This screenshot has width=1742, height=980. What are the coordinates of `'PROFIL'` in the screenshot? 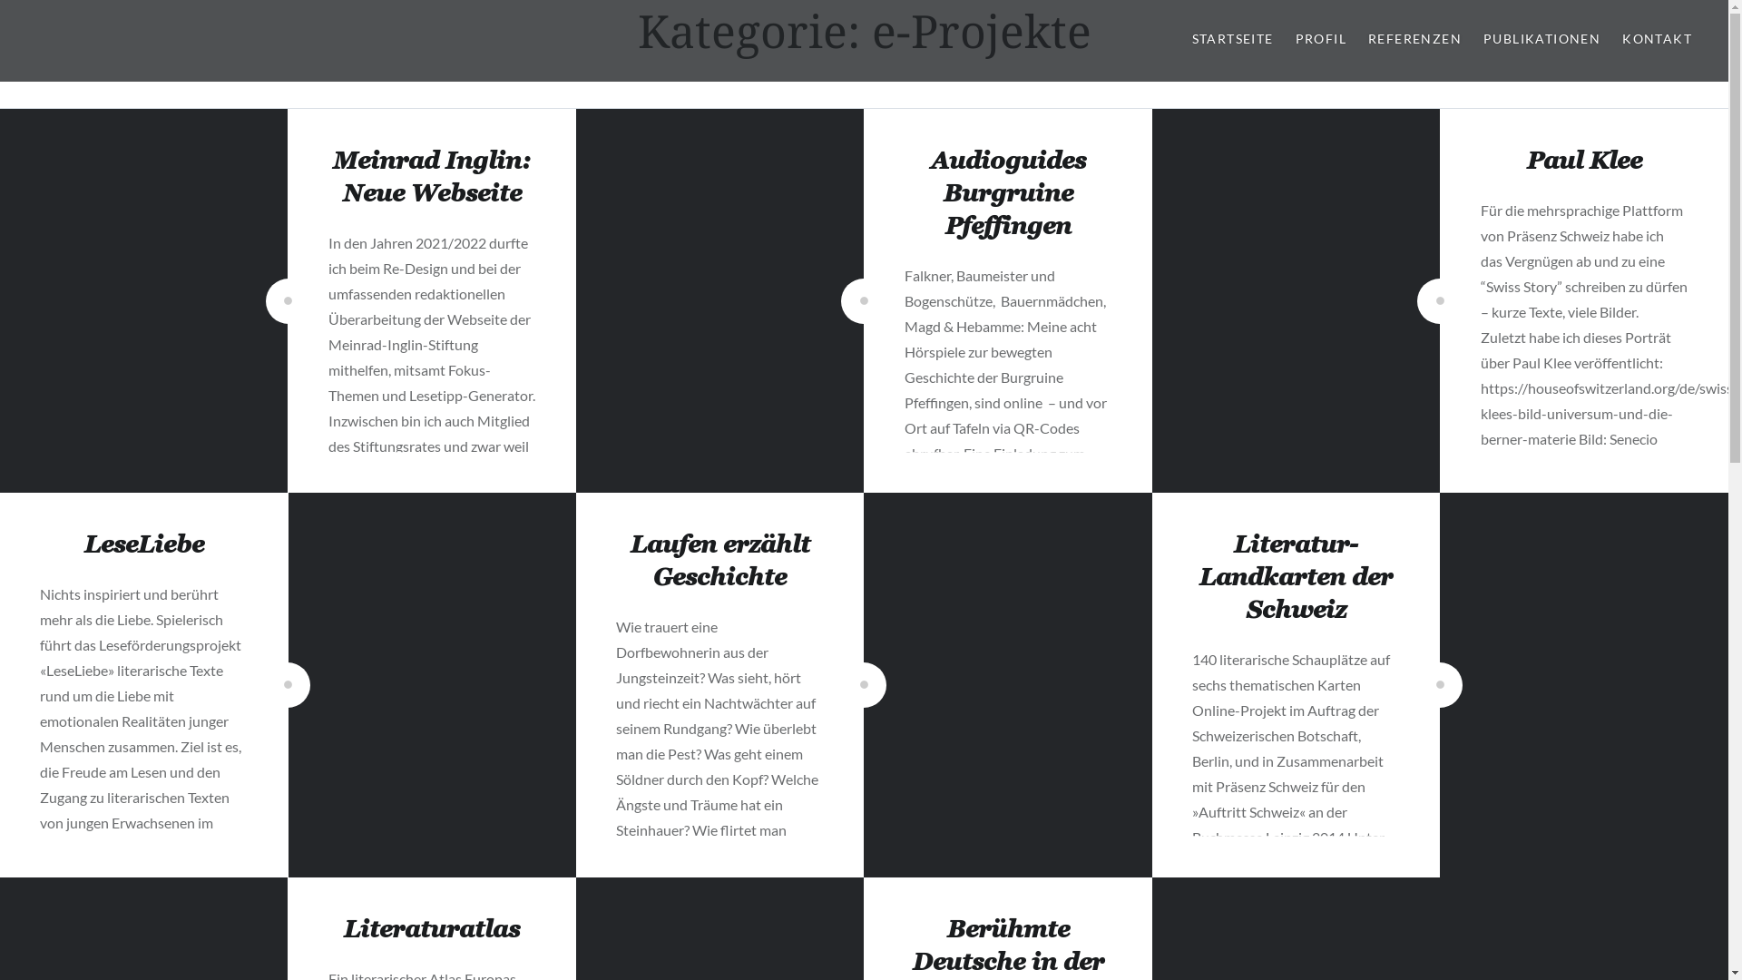 It's located at (1320, 39).